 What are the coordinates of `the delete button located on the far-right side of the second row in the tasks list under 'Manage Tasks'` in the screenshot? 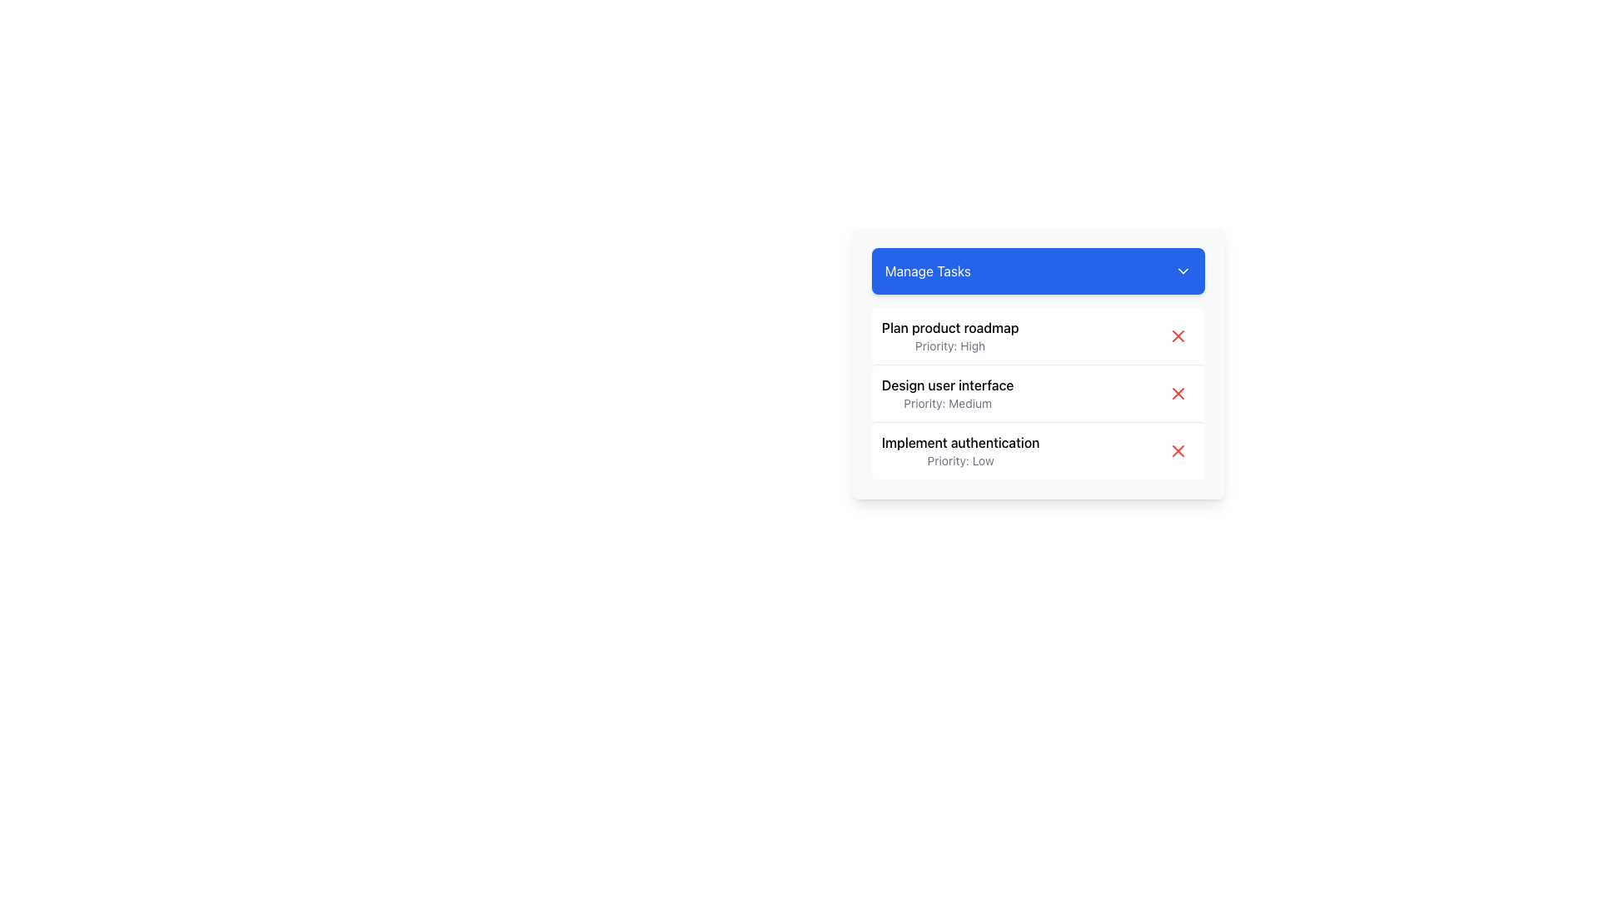 It's located at (1178, 394).